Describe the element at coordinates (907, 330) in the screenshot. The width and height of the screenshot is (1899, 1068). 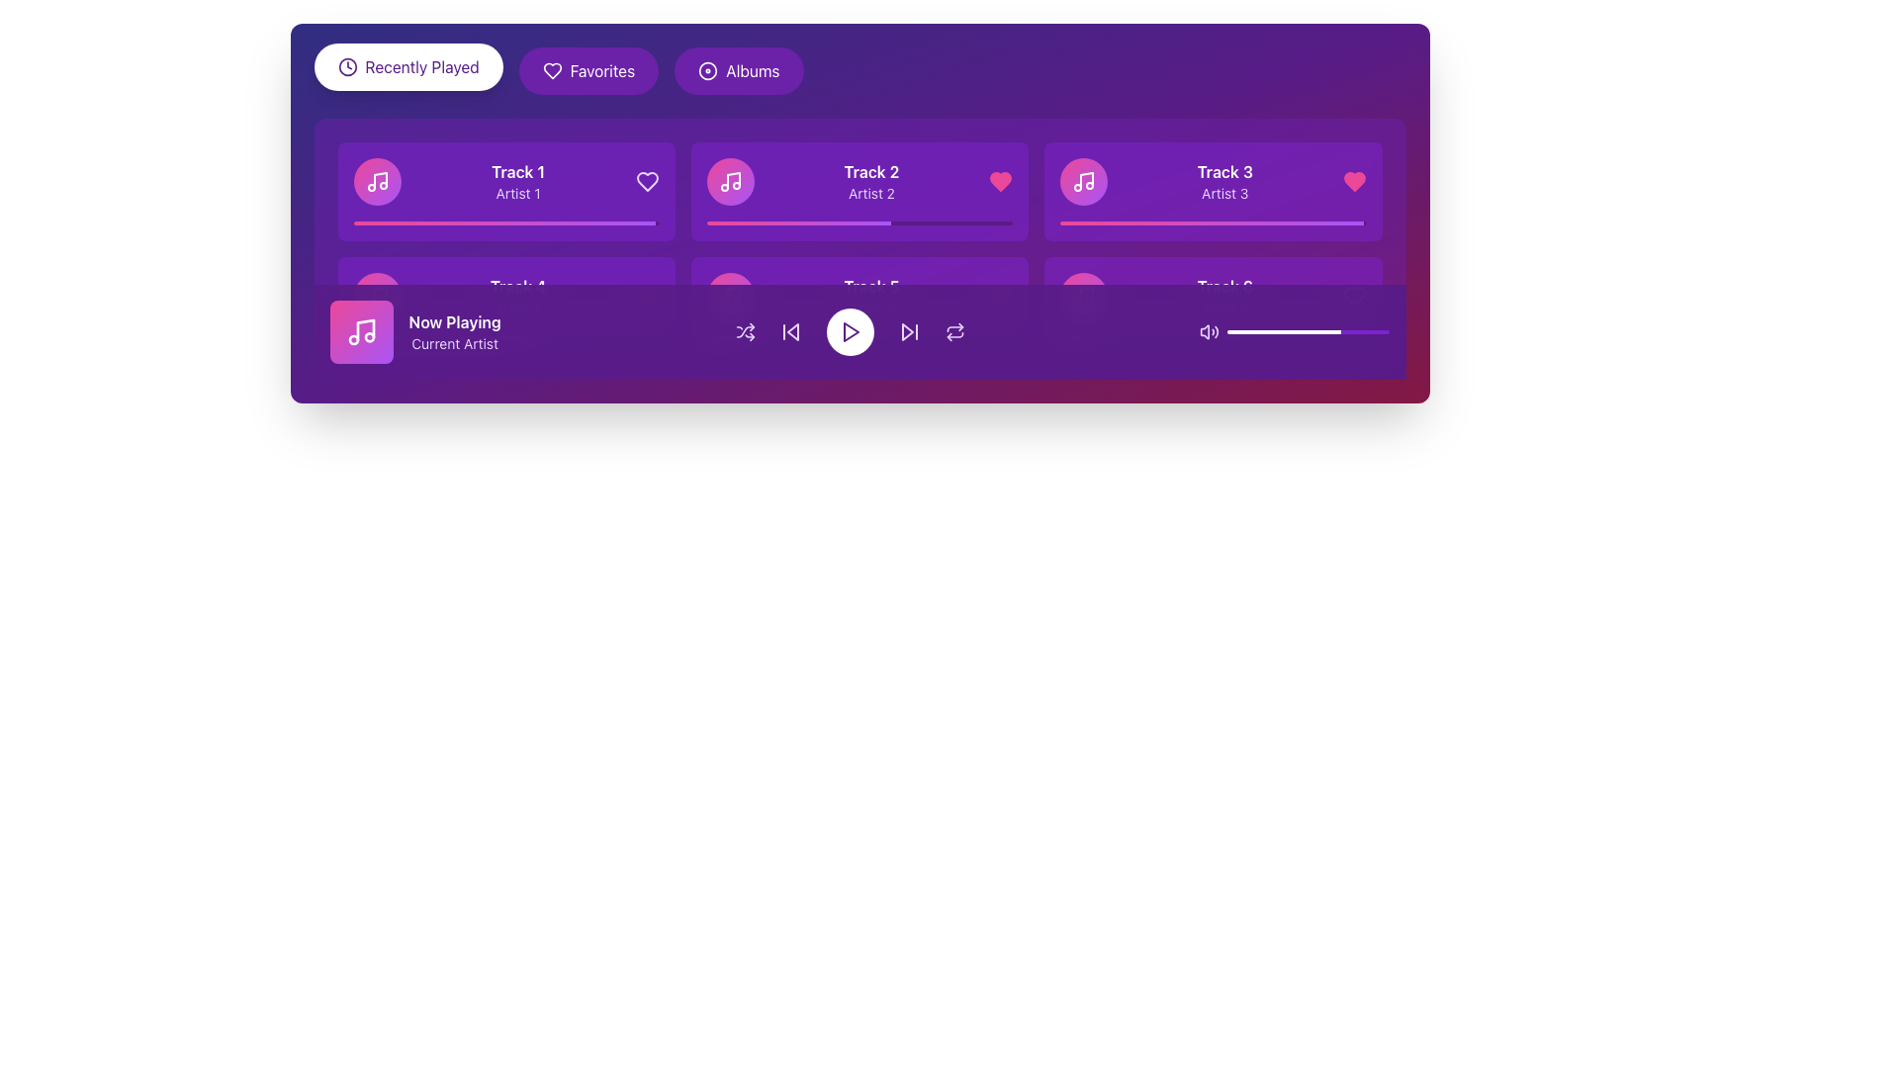
I see `the triangle icon that serves as the 'skip forward' control in the media playback interface located next to a vertical line icon` at that location.